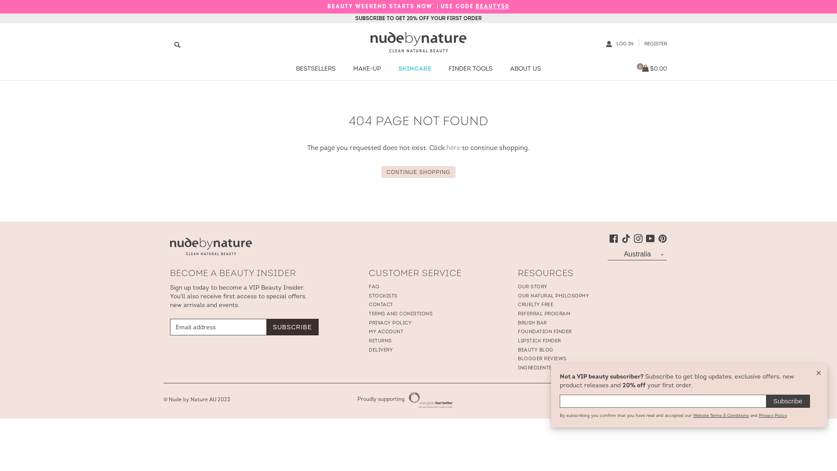  What do you see at coordinates (389, 323) in the screenshot?
I see `'PRIVACY POLICY'` at bounding box center [389, 323].